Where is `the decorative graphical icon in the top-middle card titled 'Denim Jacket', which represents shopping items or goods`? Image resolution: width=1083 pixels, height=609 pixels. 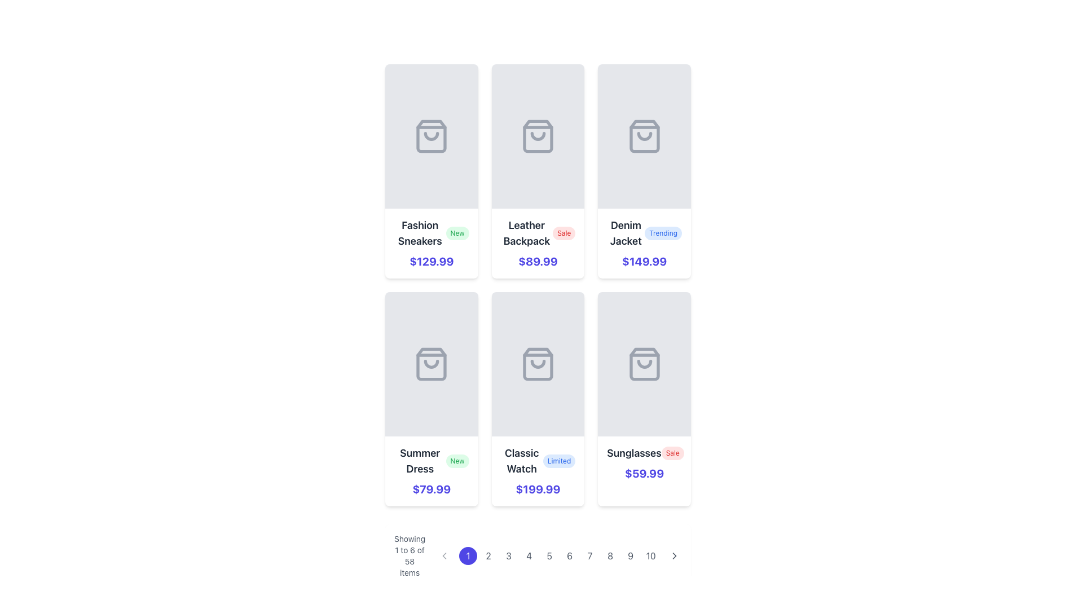
the decorative graphical icon in the top-middle card titled 'Denim Jacket', which represents shopping items or goods is located at coordinates (644, 136).